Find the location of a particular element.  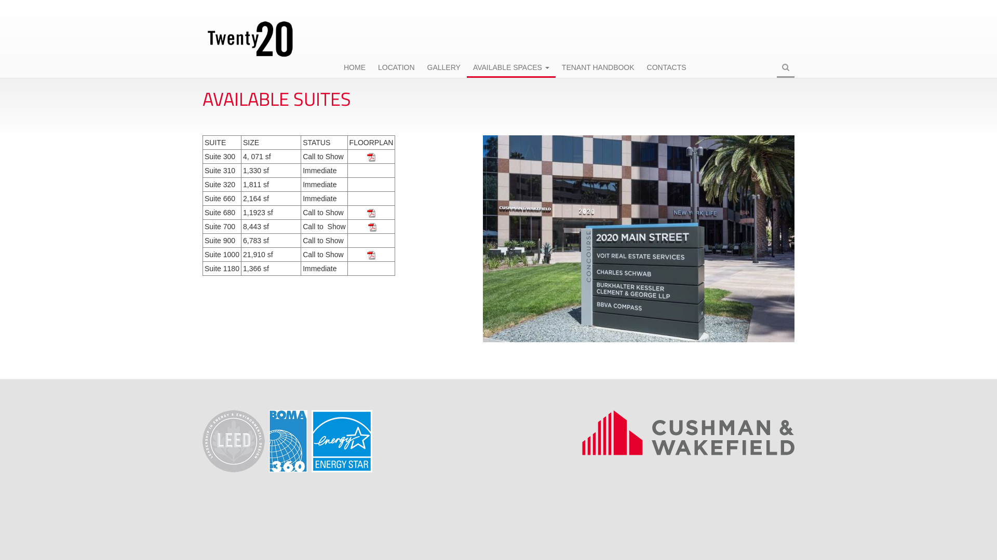

'2020_-_Suite_300.pdf' is located at coordinates (371, 156).